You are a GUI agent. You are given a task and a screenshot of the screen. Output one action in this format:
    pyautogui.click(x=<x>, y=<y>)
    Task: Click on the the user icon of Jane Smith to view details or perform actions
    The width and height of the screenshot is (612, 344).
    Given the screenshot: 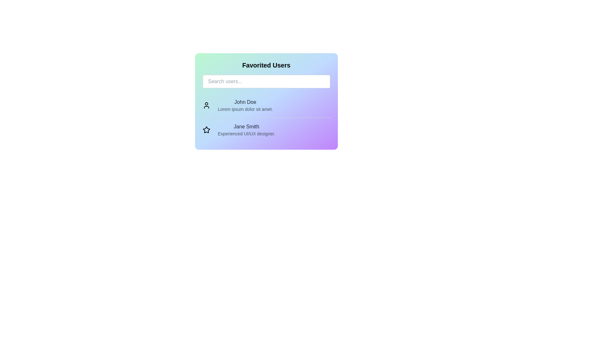 What is the action you would take?
    pyautogui.click(x=206, y=130)
    